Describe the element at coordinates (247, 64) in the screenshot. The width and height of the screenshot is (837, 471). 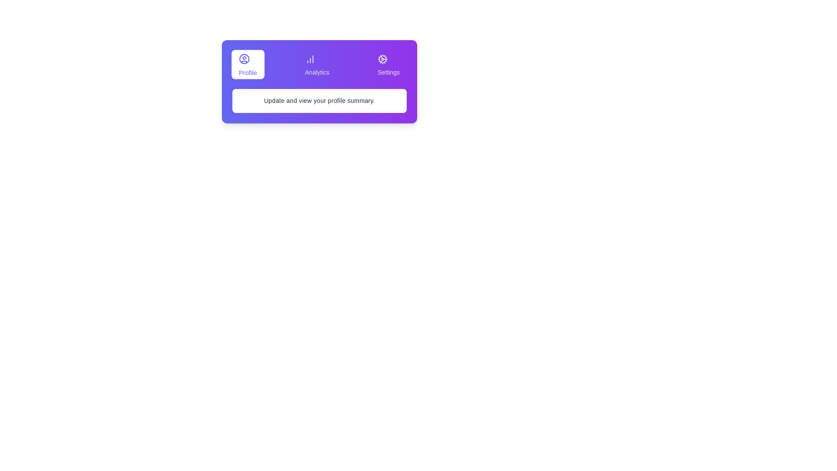
I see `the Profile tab to display its content` at that location.